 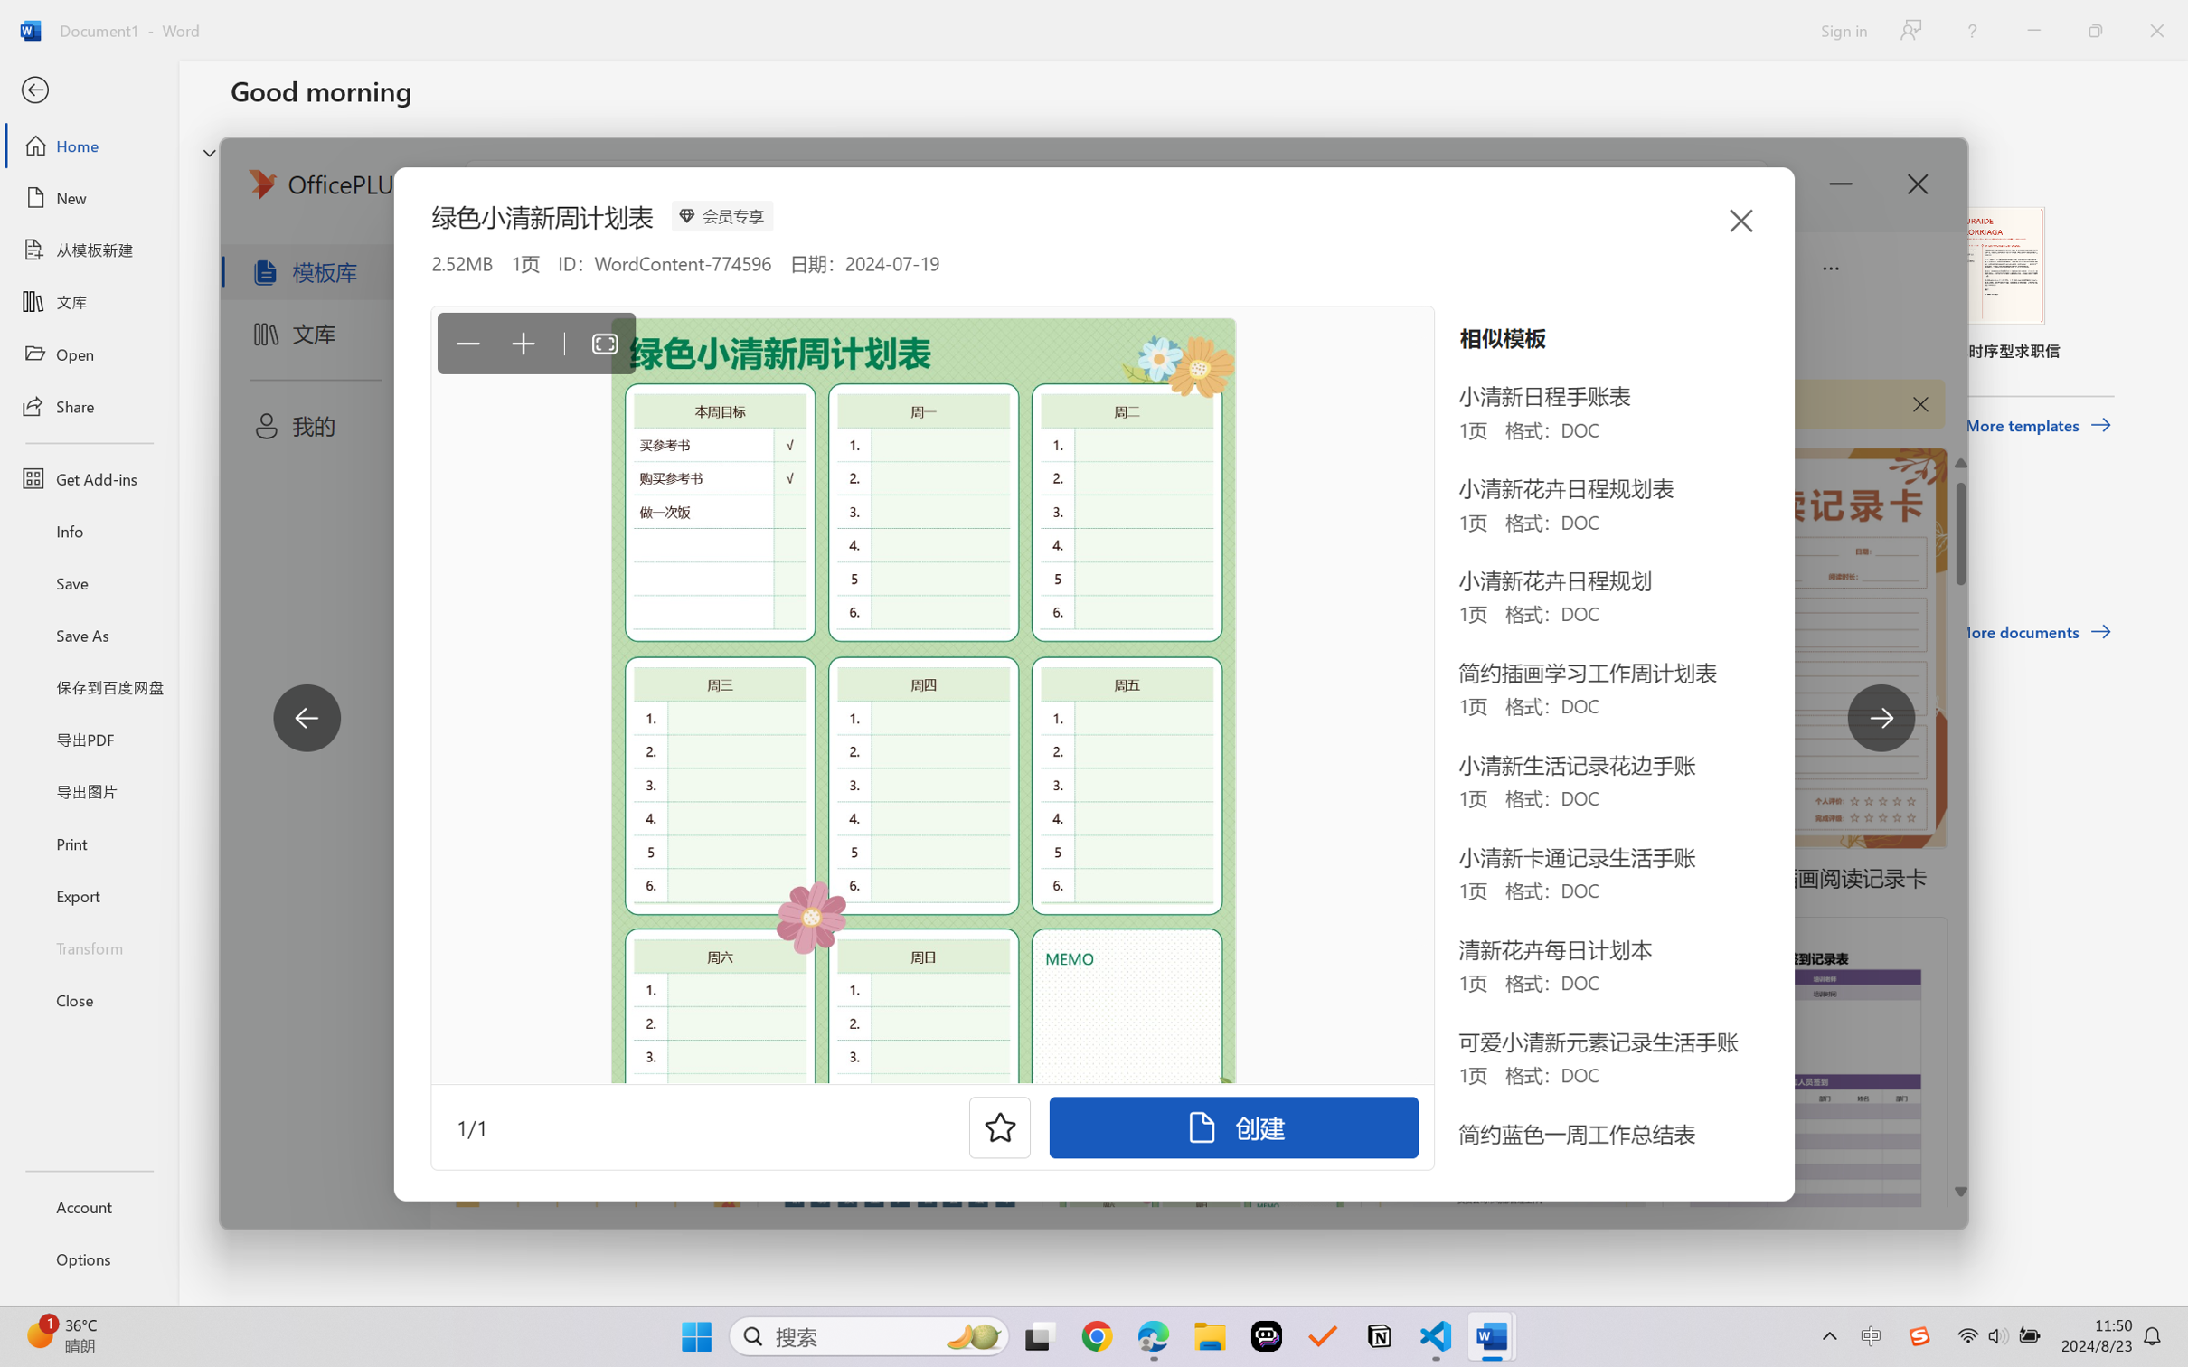 What do you see at coordinates (88, 1258) in the screenshot?
I see `'Options'` at bounding box center [88, 1258].